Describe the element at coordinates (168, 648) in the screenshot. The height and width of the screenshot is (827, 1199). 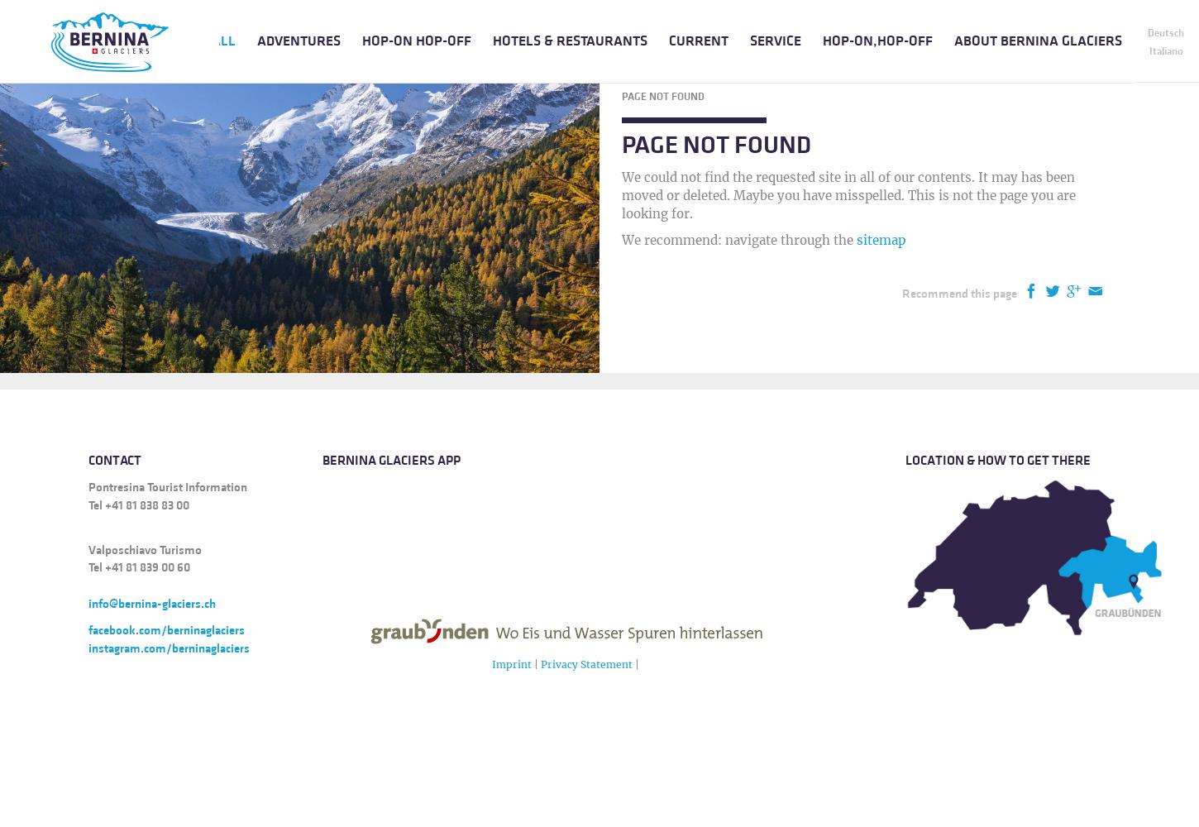
I see `'instagram.com/berninaglaciers'` at that location.